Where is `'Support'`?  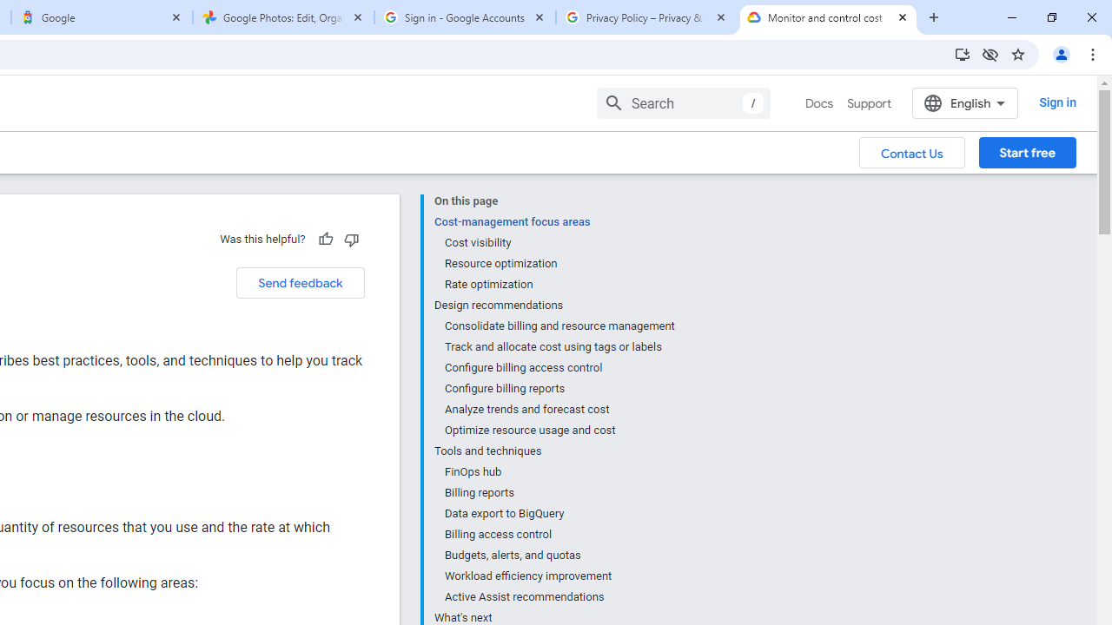
'Support' is located at coordinates (869, 103).